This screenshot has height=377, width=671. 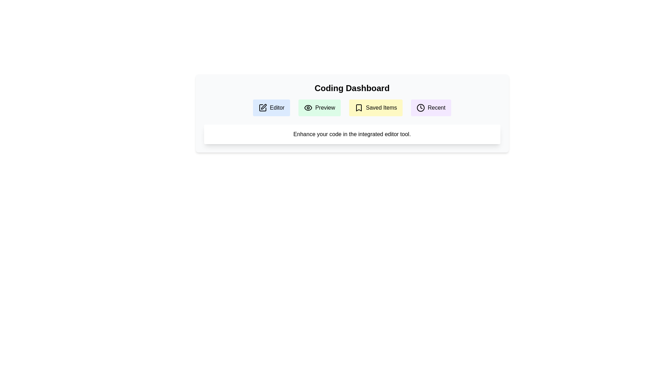 What do you see at coordinates (325, 108) in the screenshot?
I see `the second button from the left in the row of buttons located at the top-right area of the UI` at bounding box center [325, 108].